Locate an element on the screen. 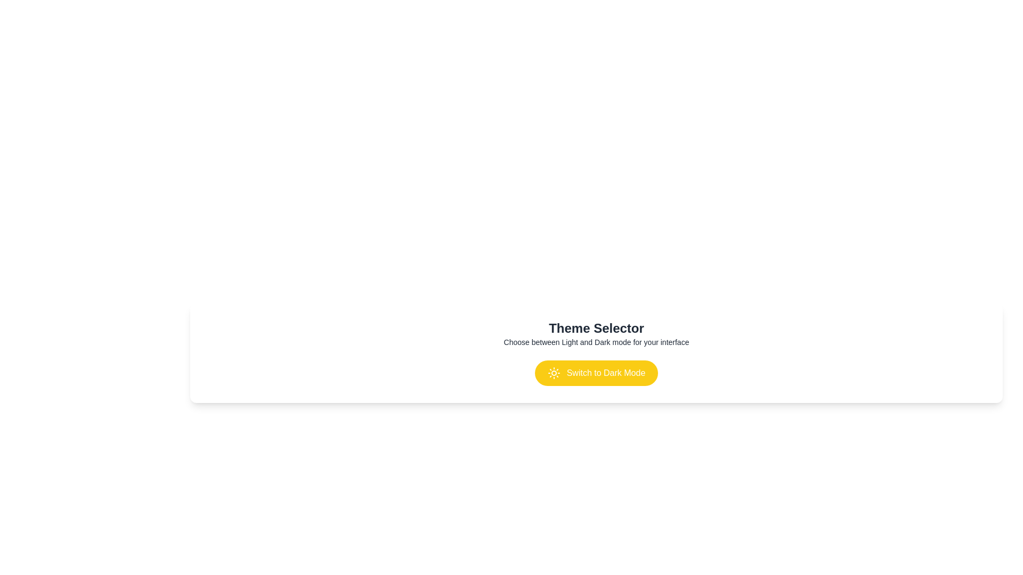 The image size is (1023, 575). the button labeled 'Switch to Dark Mode' to toggle to dark theme is located at coordinates (596, 373).